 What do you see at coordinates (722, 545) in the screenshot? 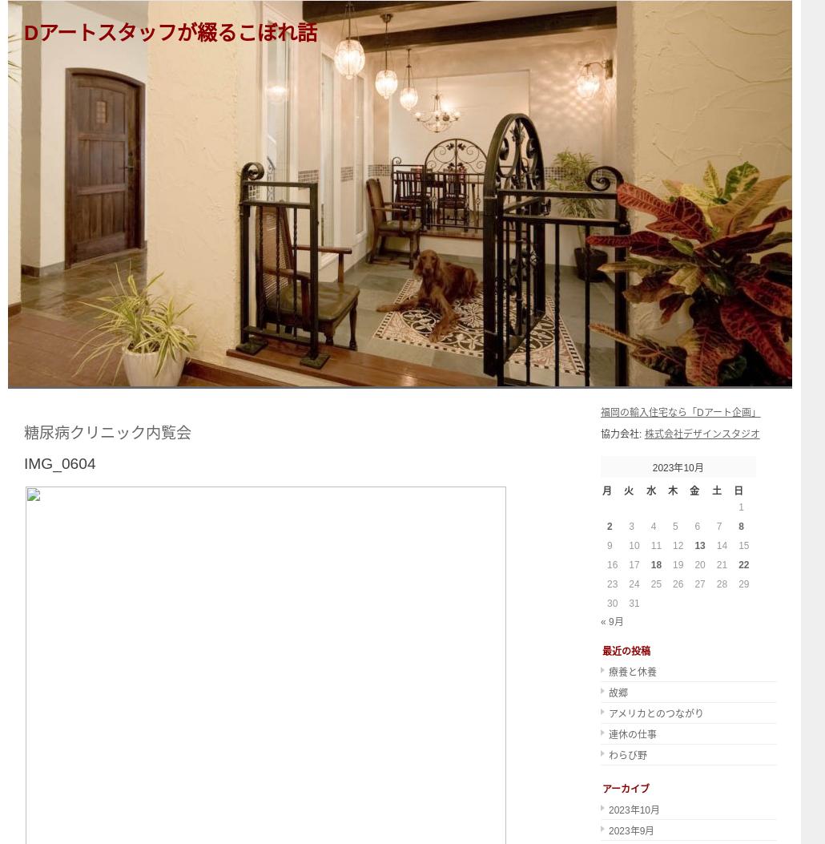
I see `'14'` at bounding box center [722, 545].